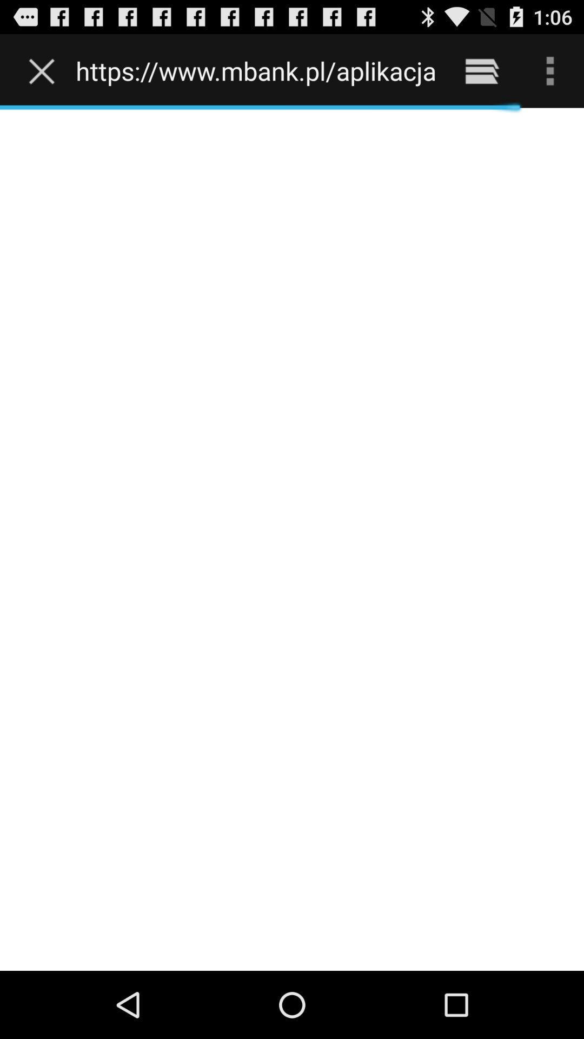 This screenshot has height=1039, width=584. What do you see at coordinates (255, 70) in the screenshot?
I see `the https www mbank icon` at bounding box center [255, 70].